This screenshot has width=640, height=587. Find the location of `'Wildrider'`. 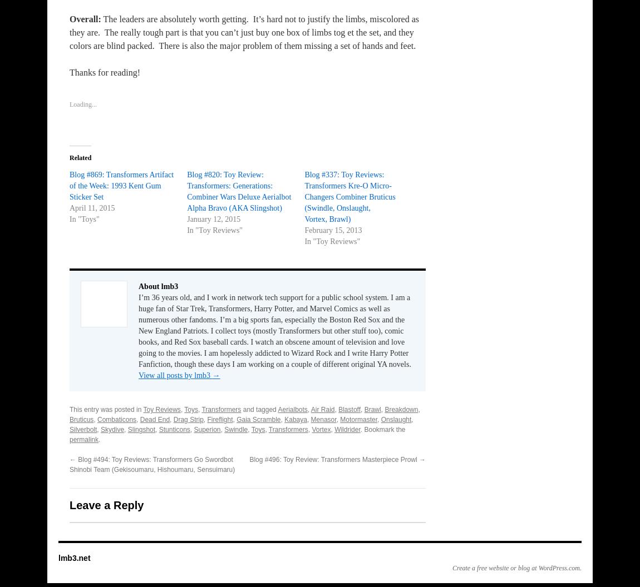

'Wildrider' is located at coordinates (346, 429).